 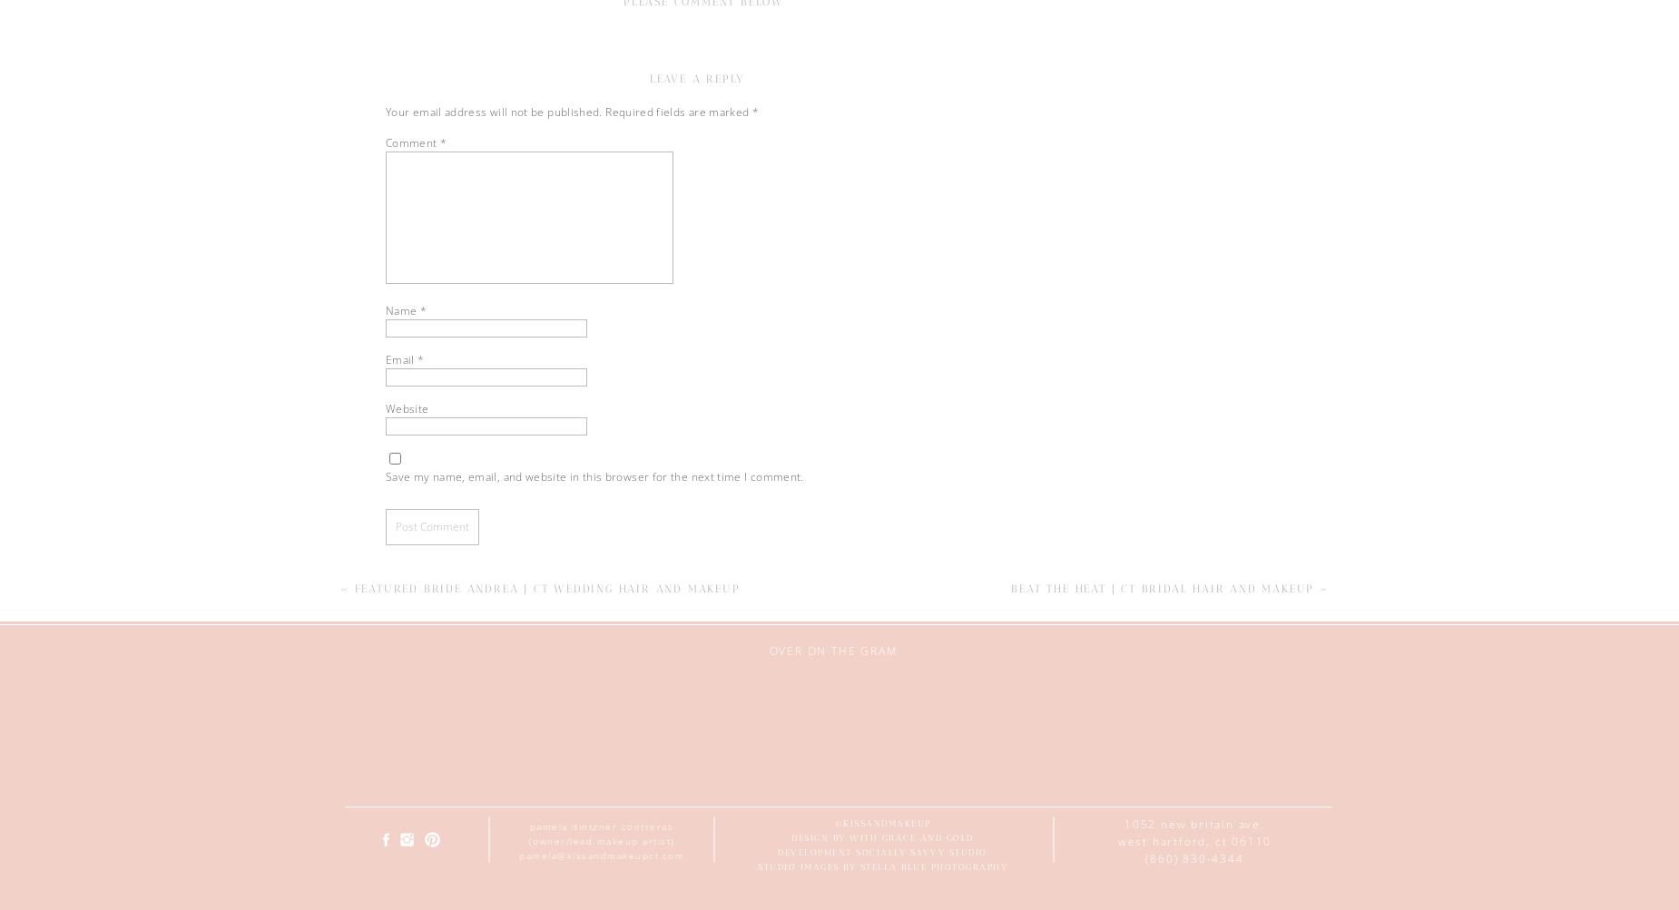 I want to click on 'West Hartford, CT 06110', so click(x=1193, y=840).